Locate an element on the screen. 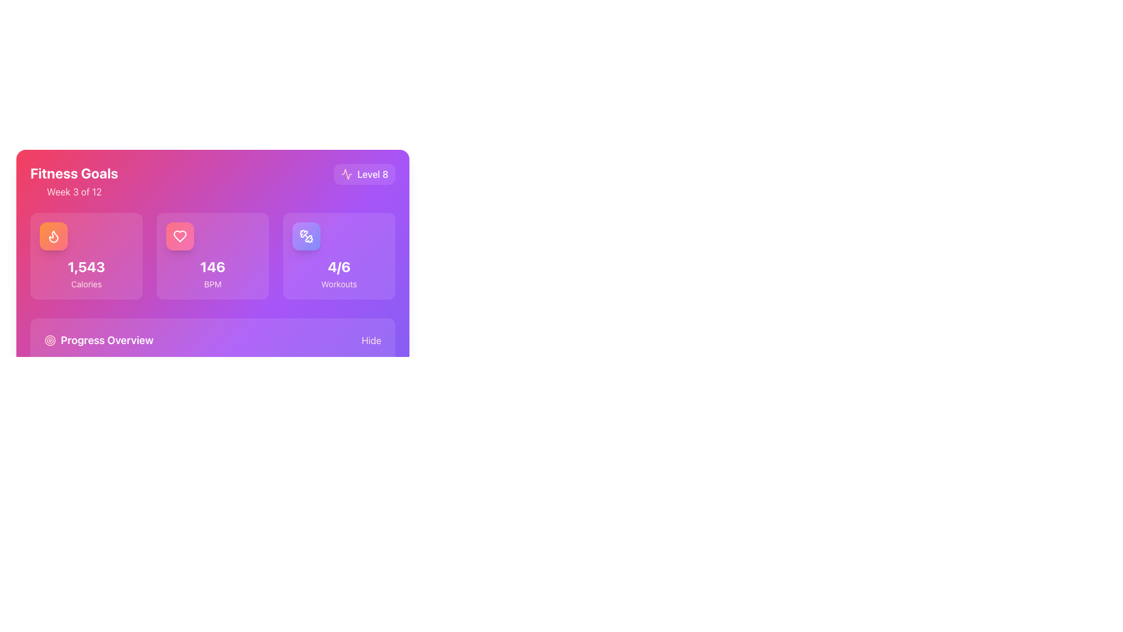 Image resolution: width=1123 pixels, height=632 pixels. the performance metrics icon located in the top-right corner of the card, which is adjacent to the 'Level 8' text is located at coordinates (346, 174).